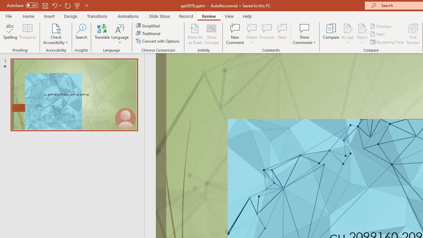 The height and width of the screenshot is (238, 423). Describe the element at coordinates (381, 26) in the screenshot. I see `'Previous'` at that location.